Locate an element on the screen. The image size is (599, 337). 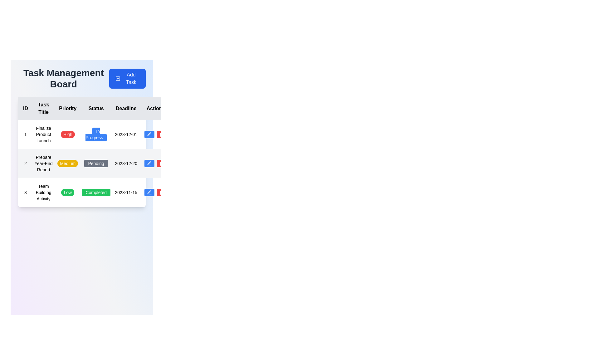
the static text label displaying the deadline date for the task 'Finalize Product Launch' located in the first row under the 'Deadline' column is located at coordinates (126, 134).